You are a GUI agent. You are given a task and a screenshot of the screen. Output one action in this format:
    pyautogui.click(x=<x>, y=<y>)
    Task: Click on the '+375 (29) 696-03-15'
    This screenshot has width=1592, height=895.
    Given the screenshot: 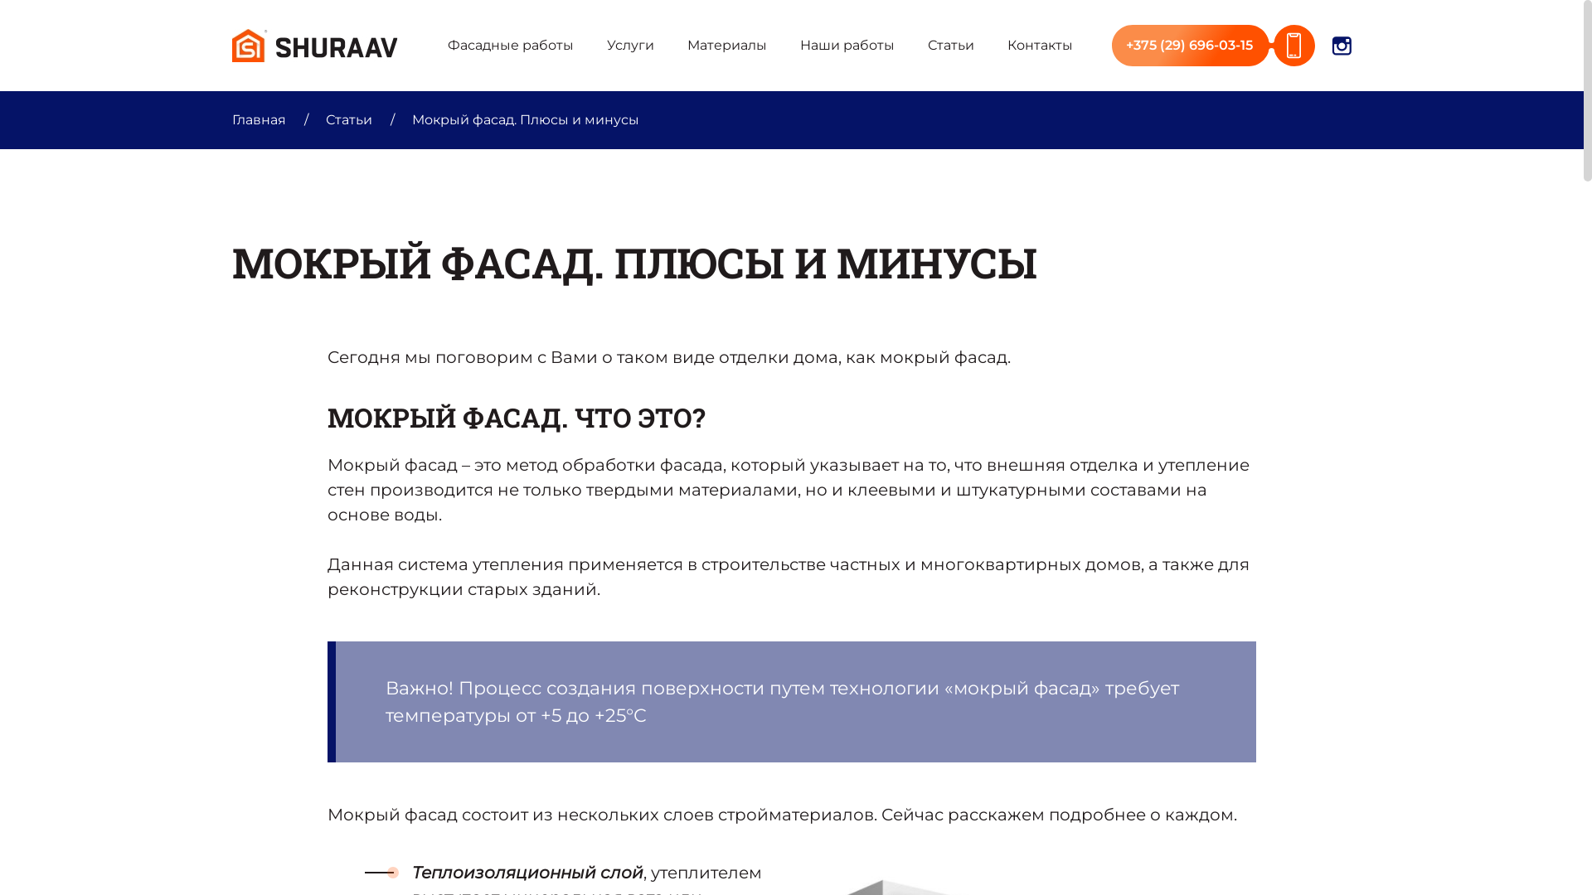 What is the action you would take?
    pyautogui.click(x=1213, y=44)
    